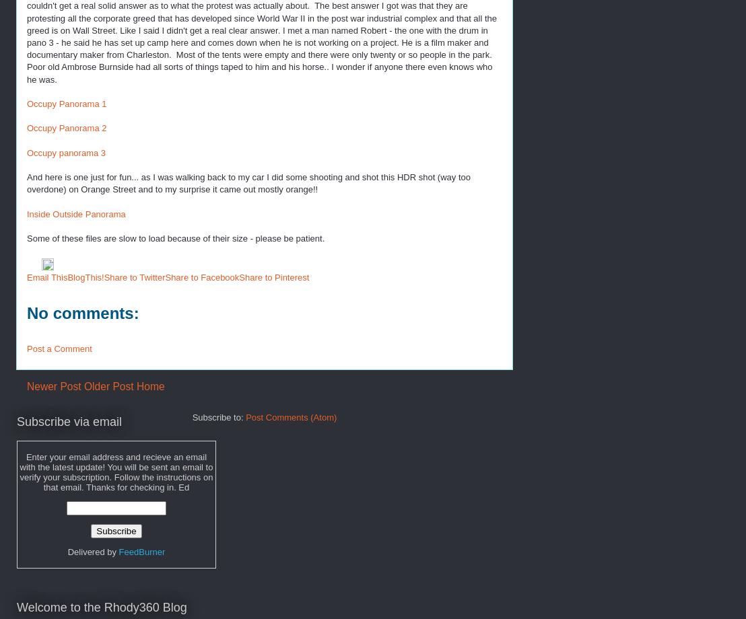 This screenshot has width=746, height=619. I want to click on 'BlogThis!', so click(85, 276).